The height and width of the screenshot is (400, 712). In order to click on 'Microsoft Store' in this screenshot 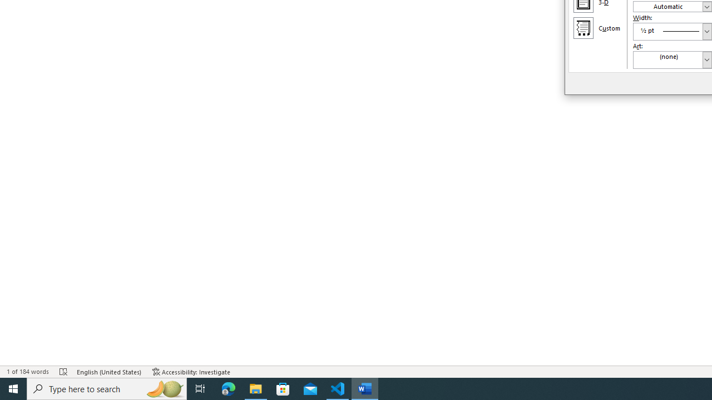, I will do `click(283, 388)`.